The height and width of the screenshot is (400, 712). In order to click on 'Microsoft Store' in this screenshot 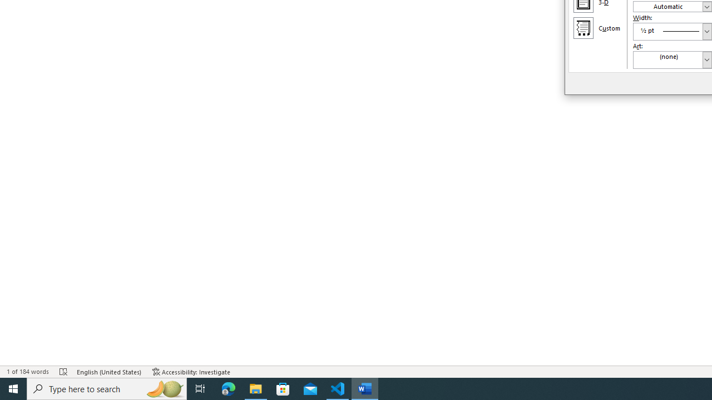, I will do `click(283, 388)`.